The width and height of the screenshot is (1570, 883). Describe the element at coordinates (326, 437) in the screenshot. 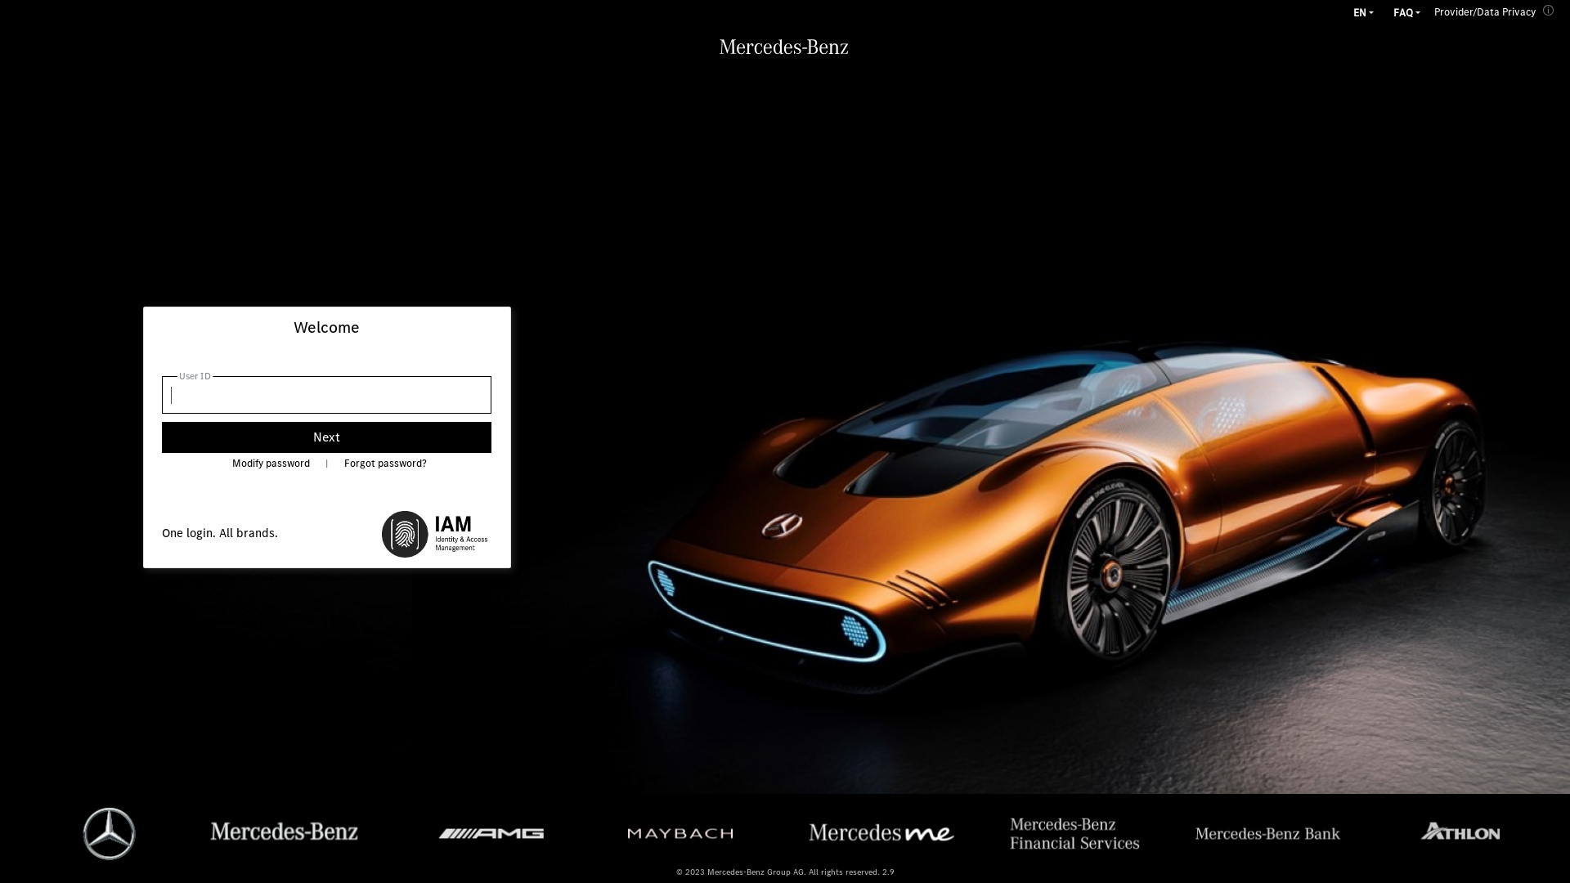

I see `'Next'` at that location.